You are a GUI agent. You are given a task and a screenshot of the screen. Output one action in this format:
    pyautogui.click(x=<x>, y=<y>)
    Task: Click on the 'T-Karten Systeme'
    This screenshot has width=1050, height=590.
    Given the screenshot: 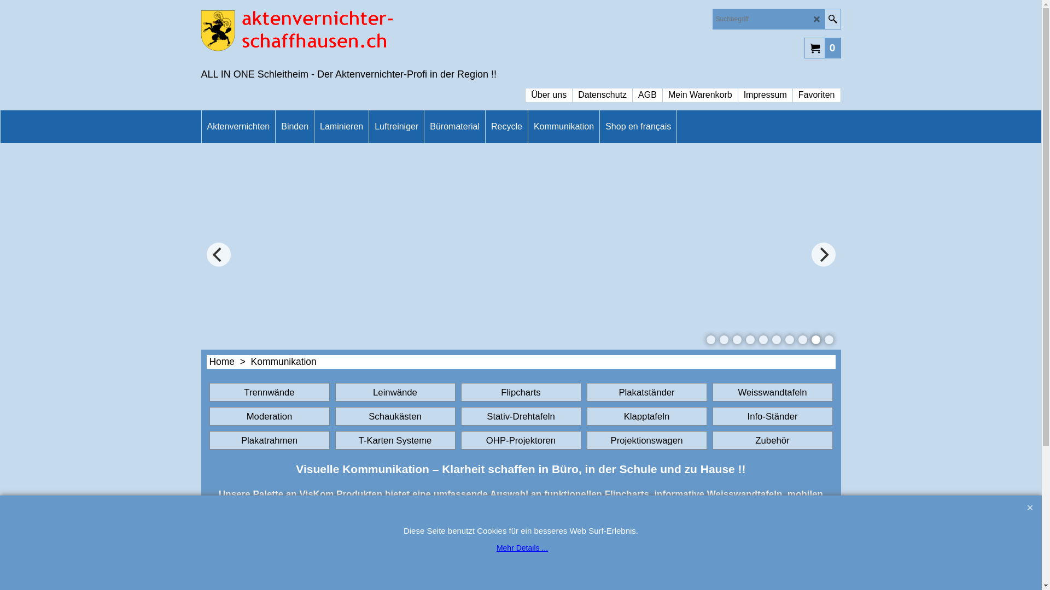 What is the action you would take?
    pyautogui.click(x=394, y=440)
    